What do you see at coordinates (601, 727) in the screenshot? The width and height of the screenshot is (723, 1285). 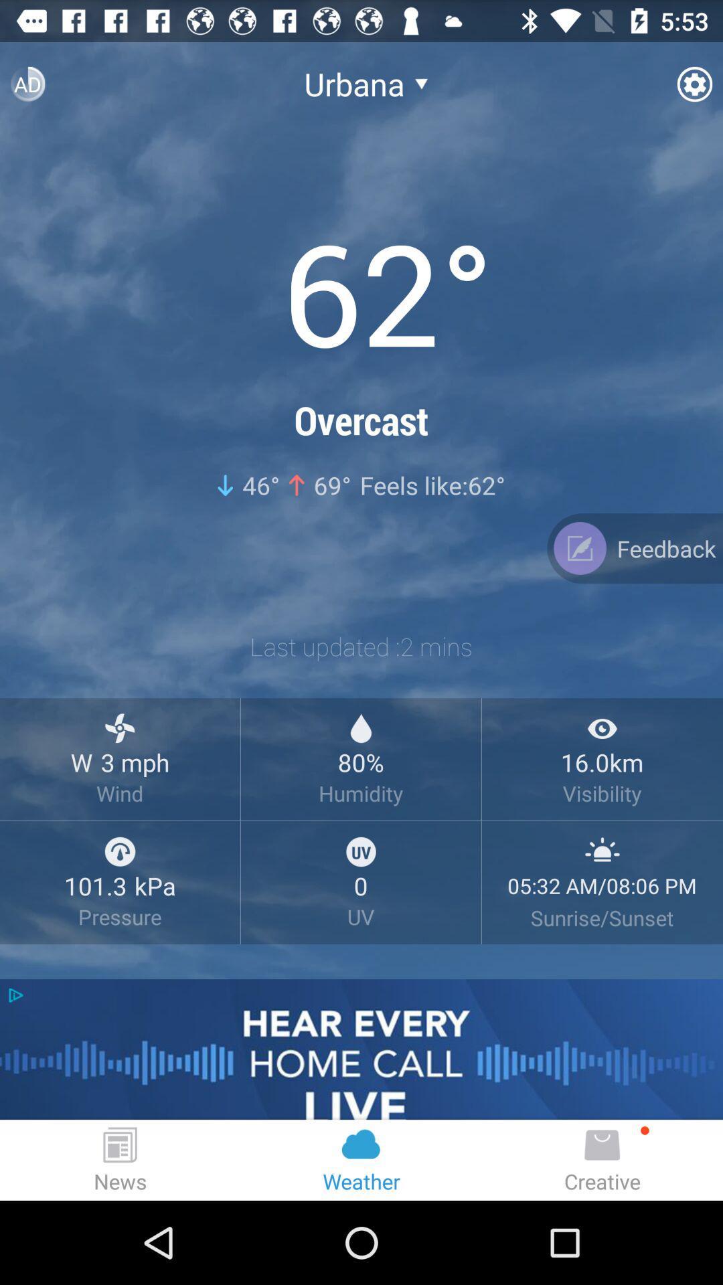 I see `the icon above visibility` at bounding box center [601, 727].